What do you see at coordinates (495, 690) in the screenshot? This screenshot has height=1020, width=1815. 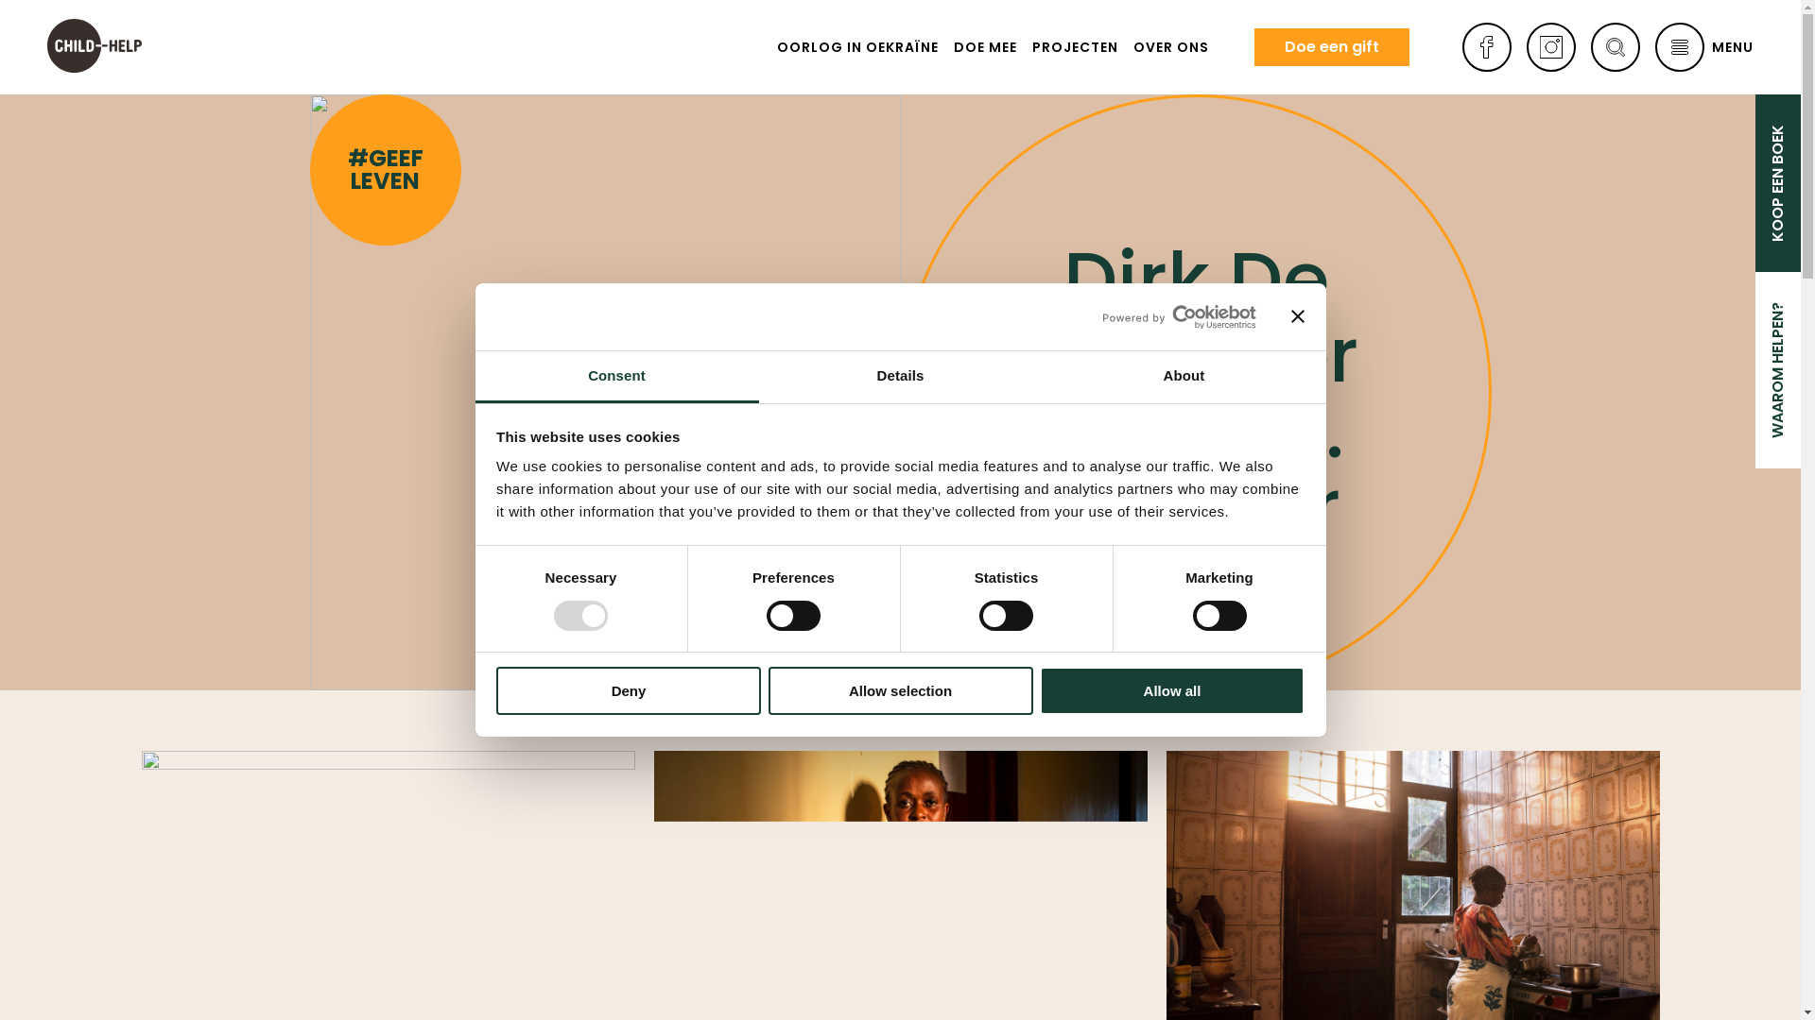 I see `'Deny'` at bounding box center [495, 690].